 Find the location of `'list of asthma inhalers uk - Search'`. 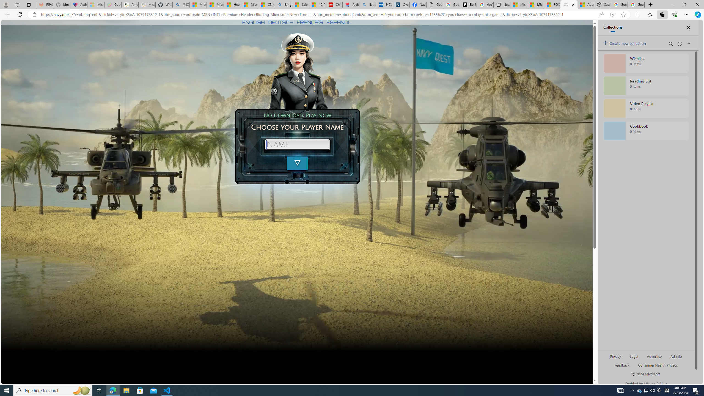

'list of asthma inhalers uk - Search' is located at coordinates (368, 4).